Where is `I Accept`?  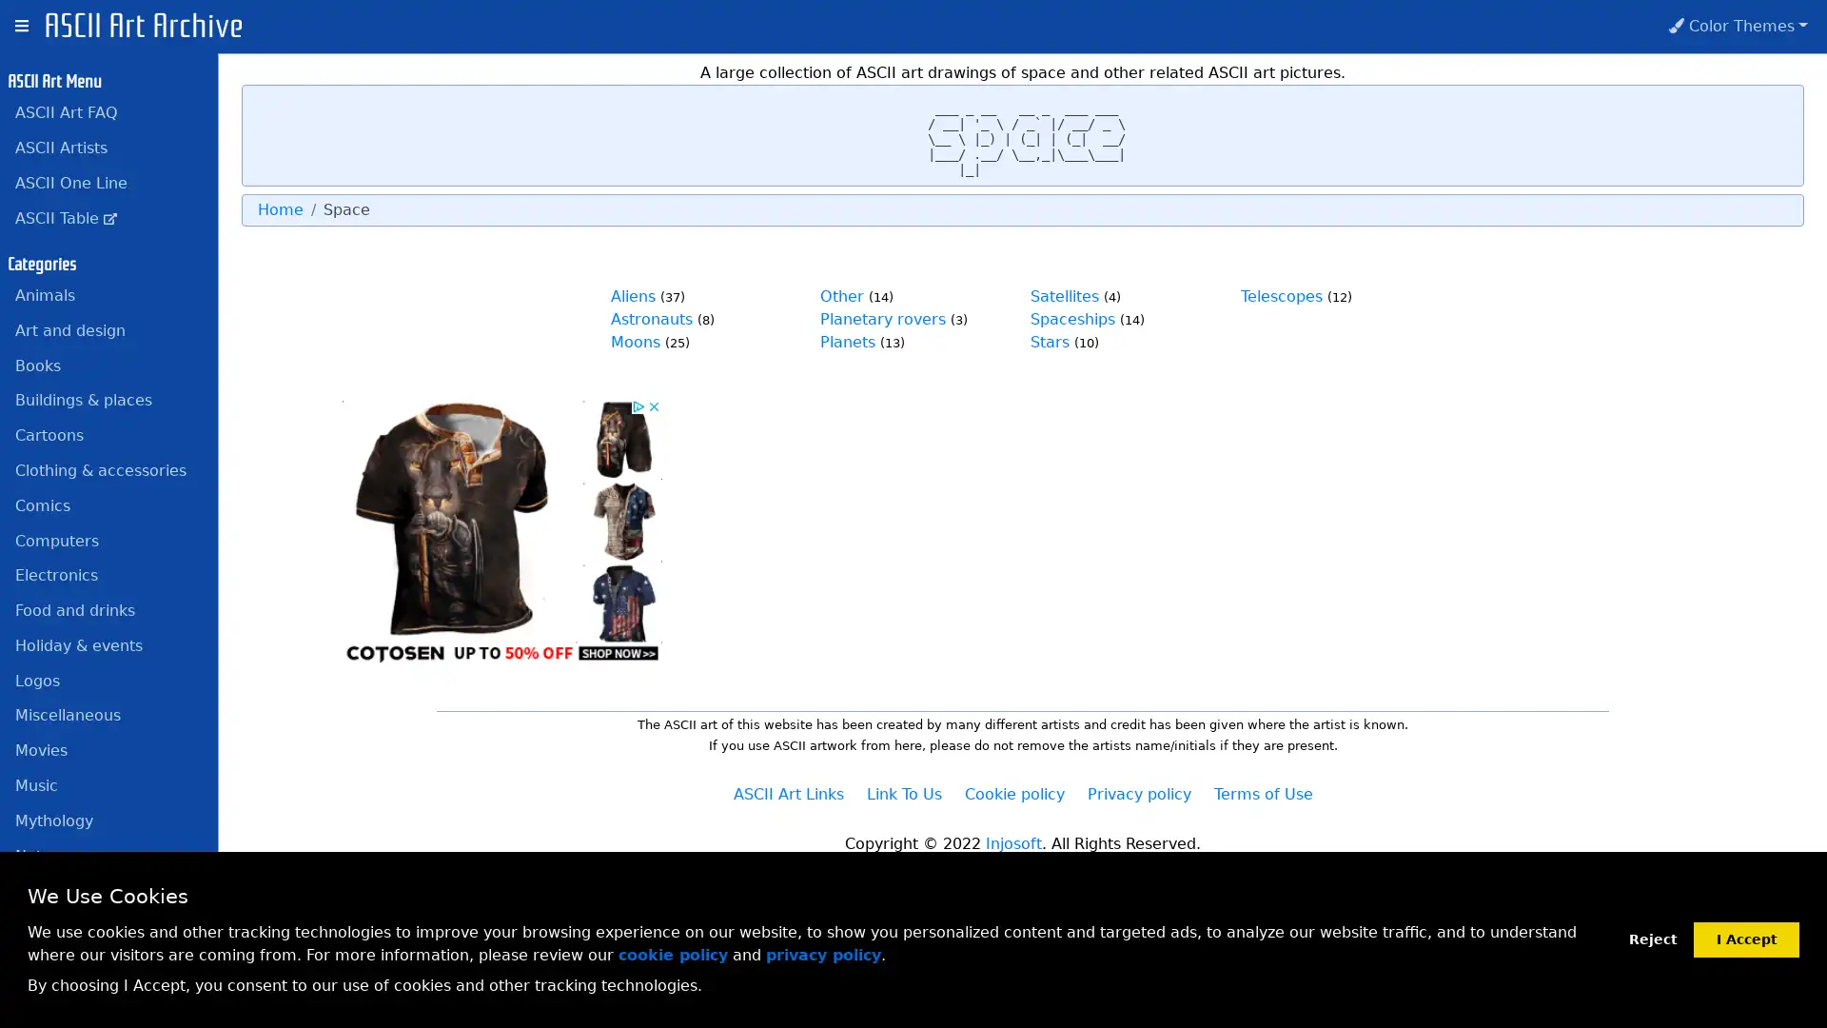
I Accept is located at coordinates (1746, 938).